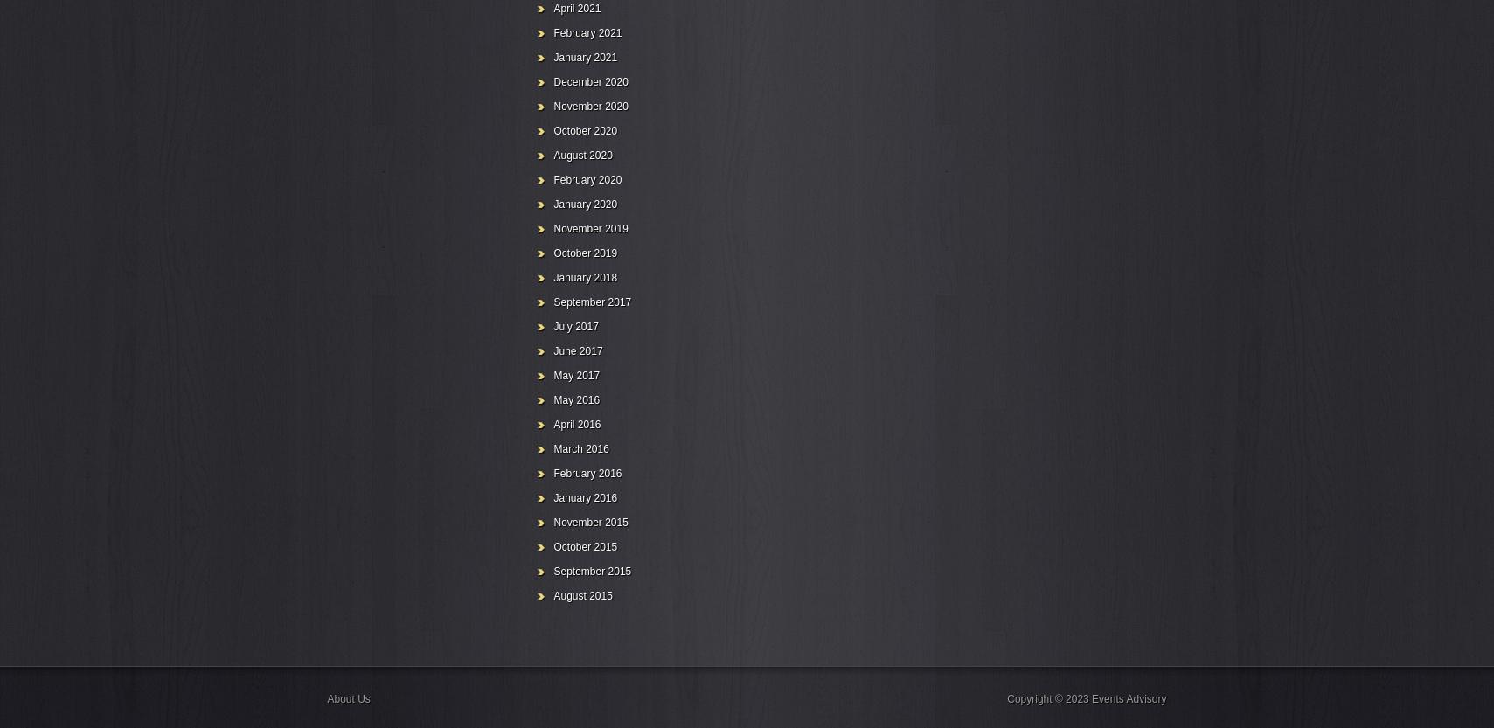  Describe the element at coordinates (589, 228) in the screenshot. I see `'November 2019'` at that location.